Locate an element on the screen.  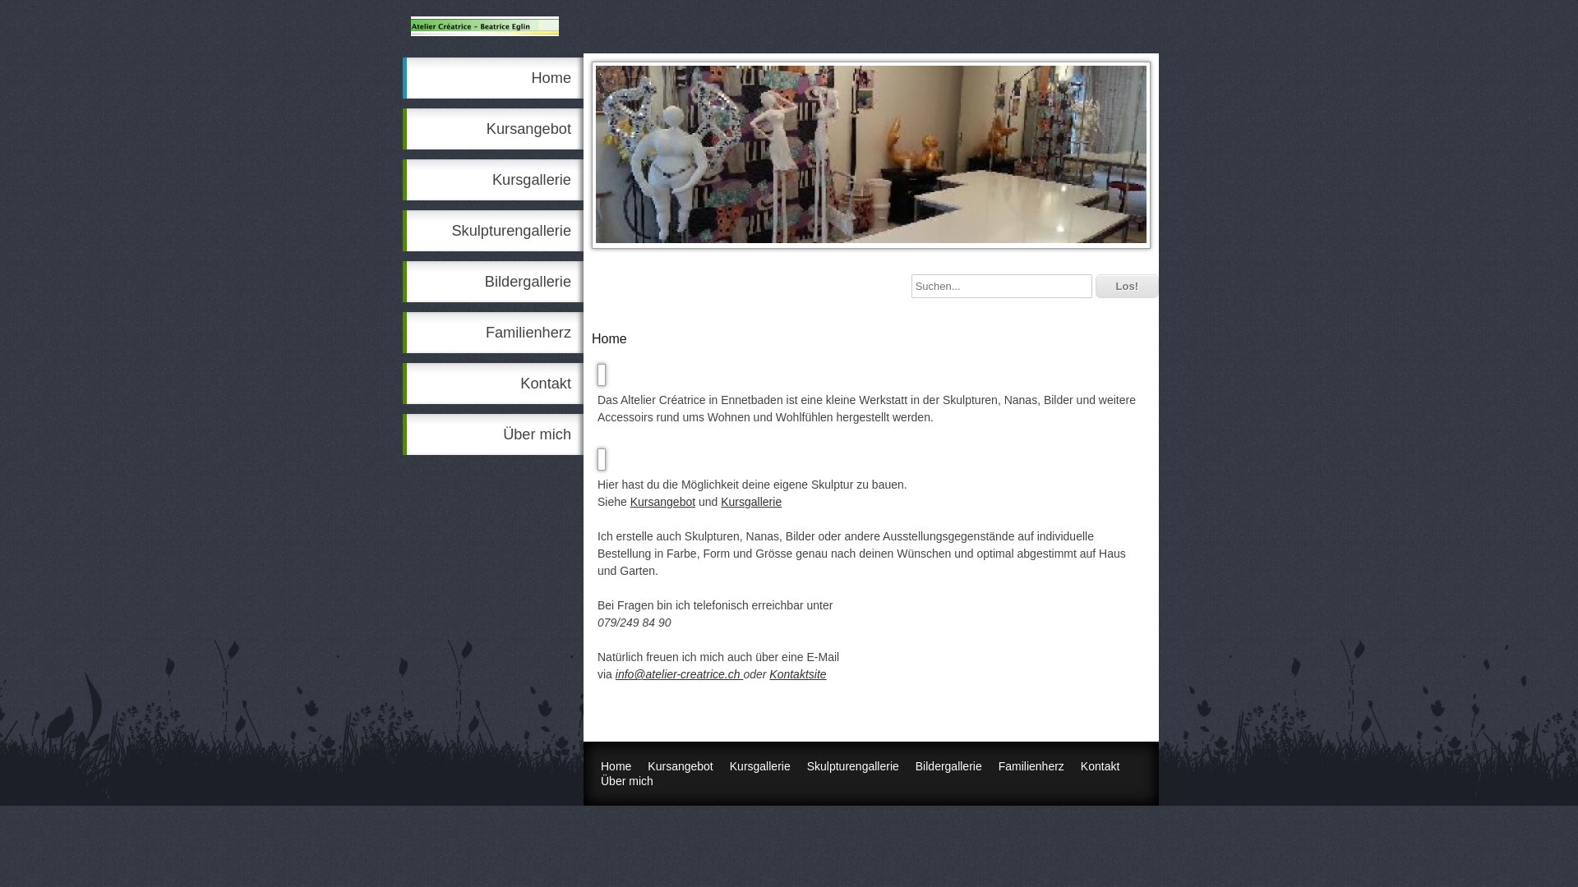
'Kontaktsite' is located at coordinates (797, 674).